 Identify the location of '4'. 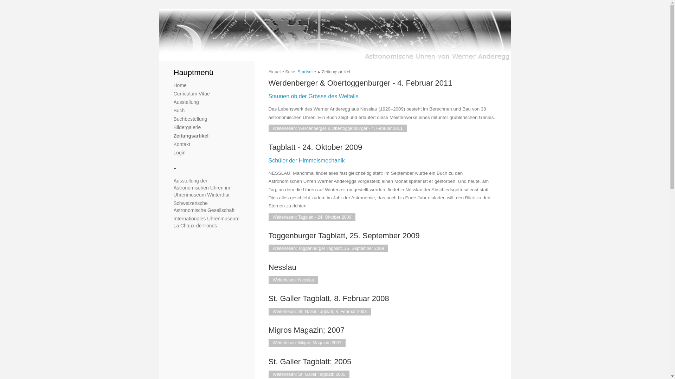
(186, 54).